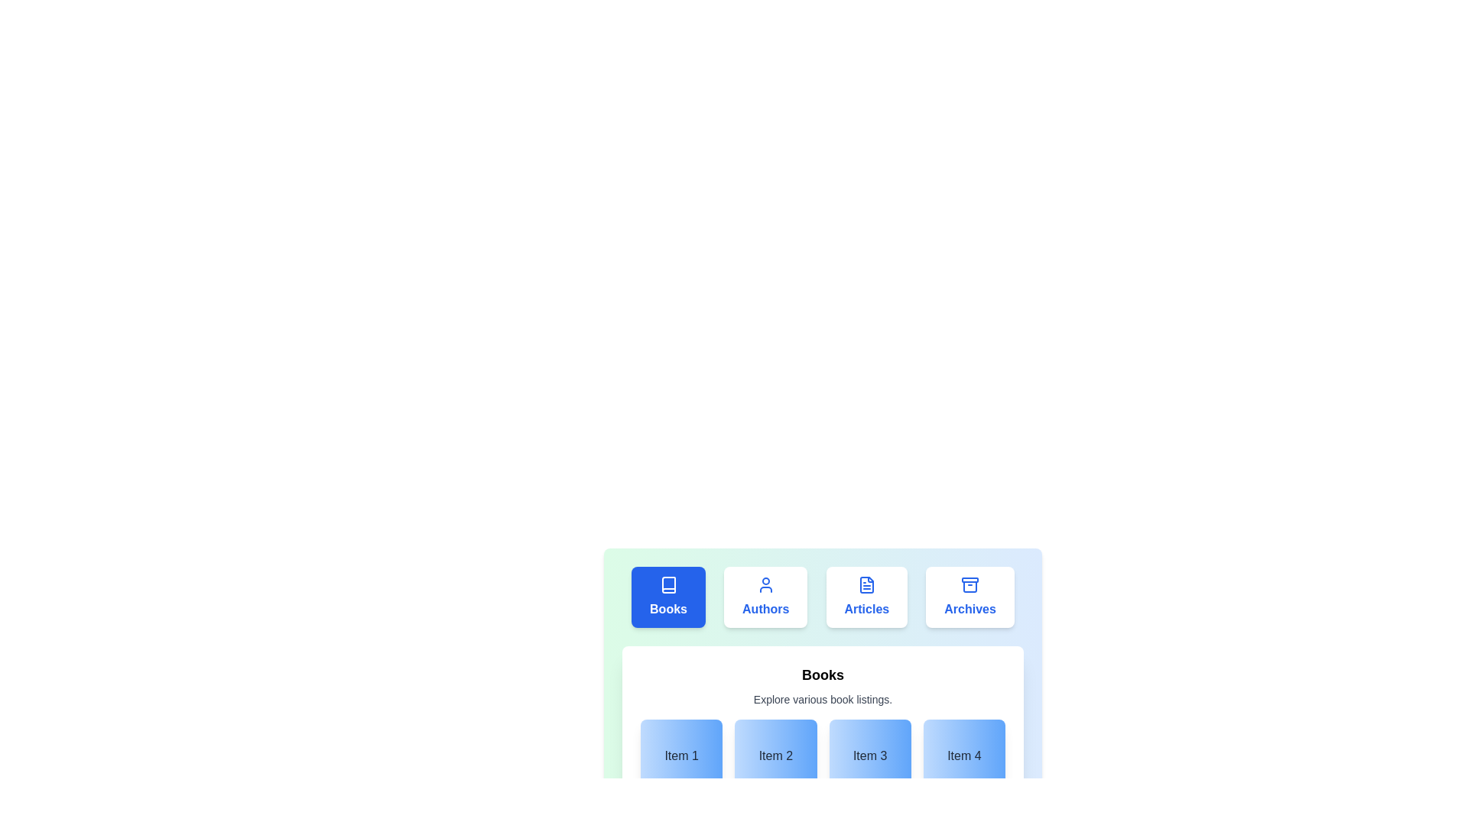 The image size is (1468, 825). What do you see at coordinates (765, 597) in the screenshot?
I see `the tab labeled Authors to activate it` at bounding box center [765, 597].